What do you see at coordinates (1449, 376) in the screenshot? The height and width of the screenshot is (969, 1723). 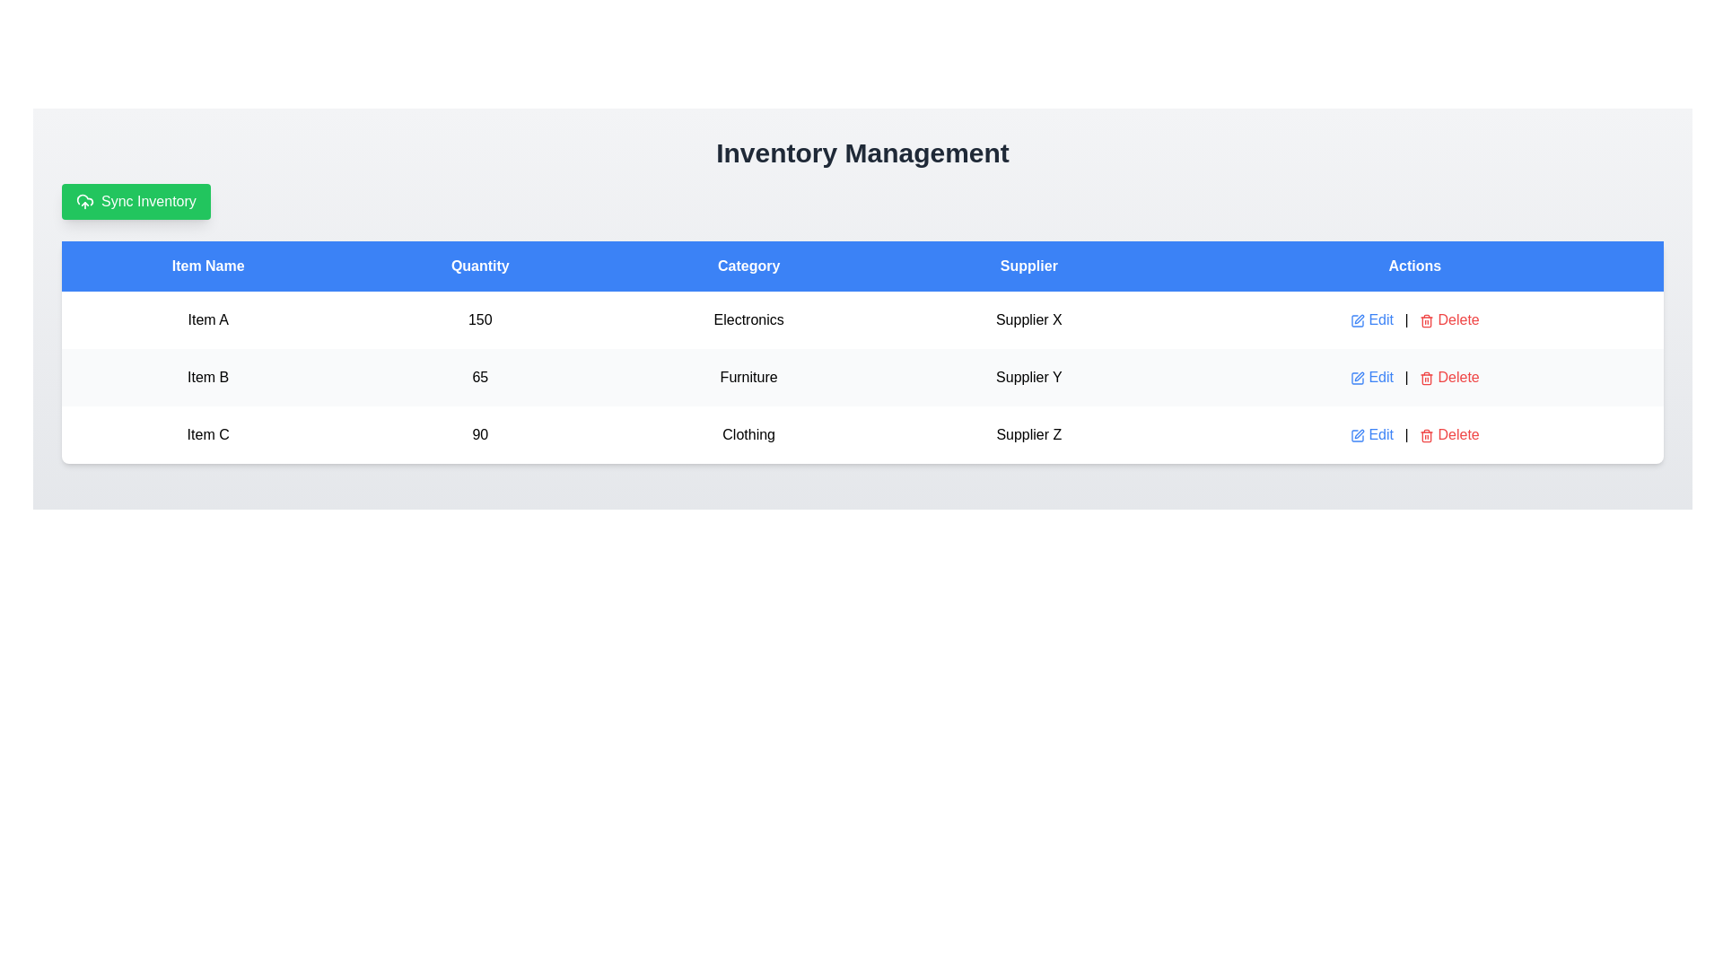 I see `the delete hyperlink styled as a text link with an icon in the 'Actions' column of the table aligned with 'Item B' to underline the text` at bounding box center [1449, 376].